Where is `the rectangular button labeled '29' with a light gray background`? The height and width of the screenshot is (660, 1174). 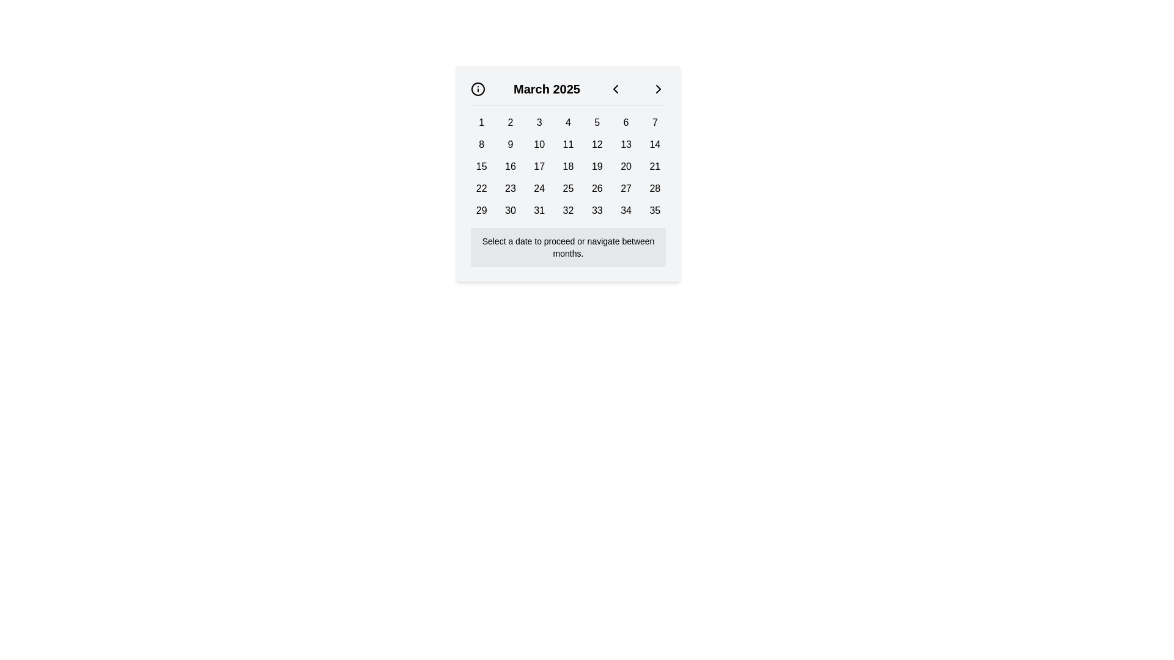
the rectangular button labeled '29' with a light gray background is located at coordinates (481, 210).